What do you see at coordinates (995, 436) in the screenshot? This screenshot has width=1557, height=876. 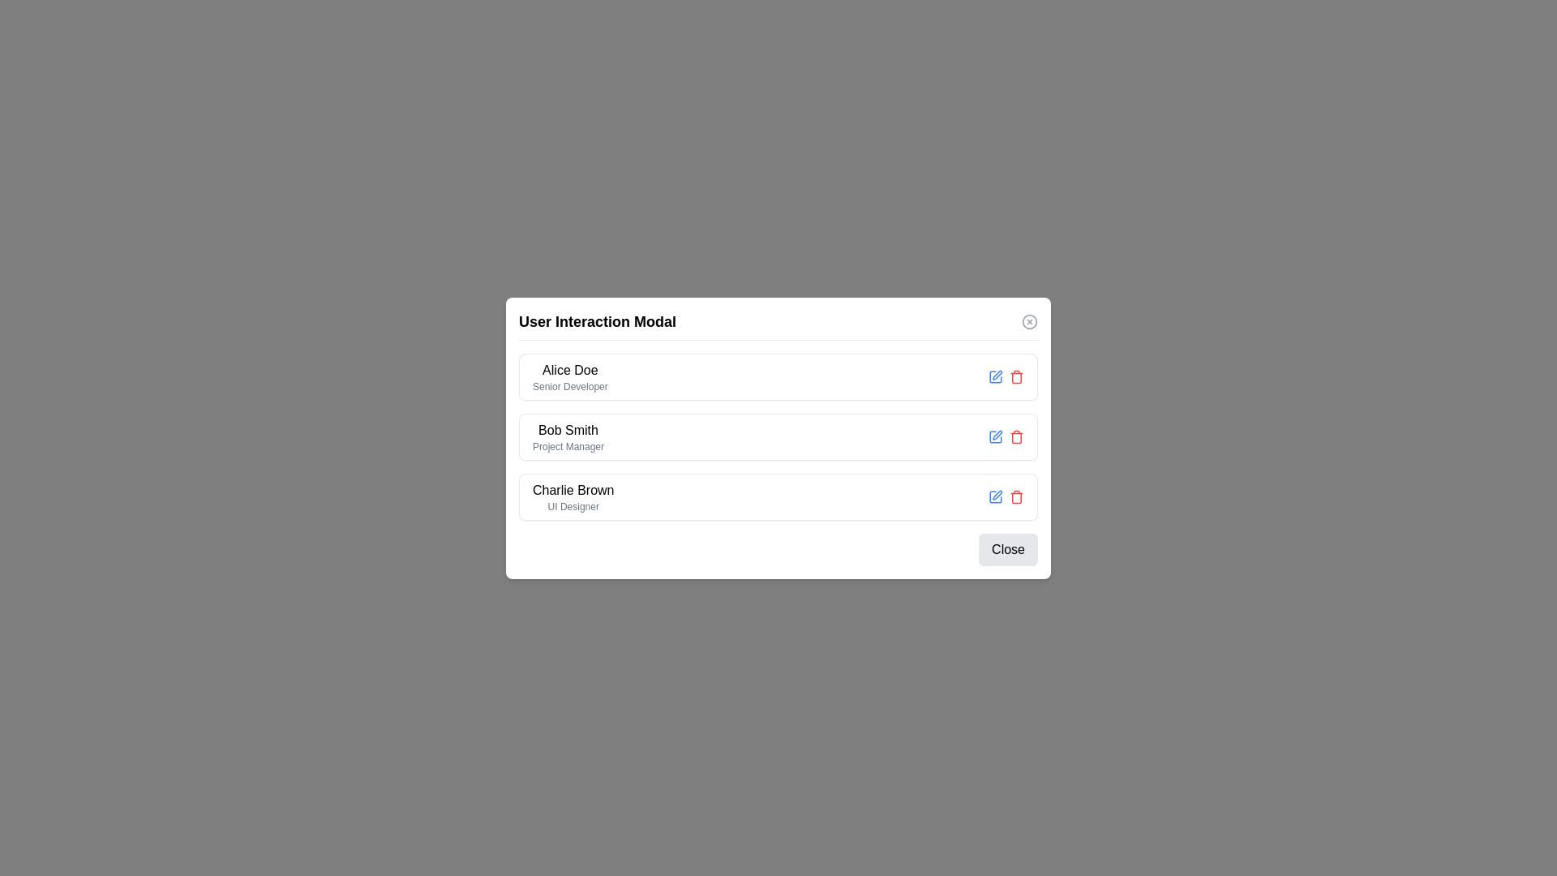 I see `the edit button icon, which resembles a blue outline of a pen or pencil, located to the right of 'Bob Smith' and 'Project Manager' in the user entry list` at bounding box center [995, 436].